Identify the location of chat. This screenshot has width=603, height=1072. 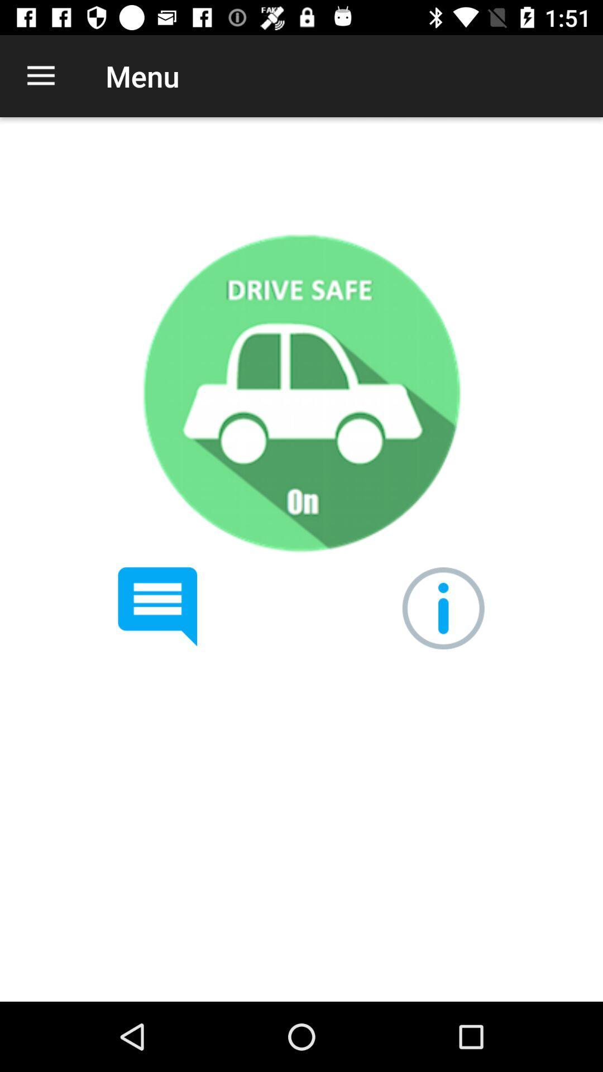
(157, 606).